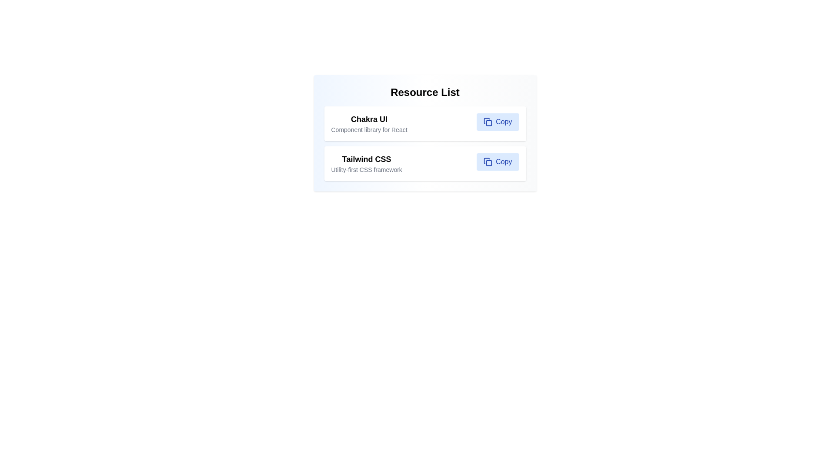 The width and height of the screenshot is (835, 469). I want to click on the 'Copy' button located at the top-right corner of the 'Chakra UI' card, just below the 'Resource List' title, so click(498, 122).